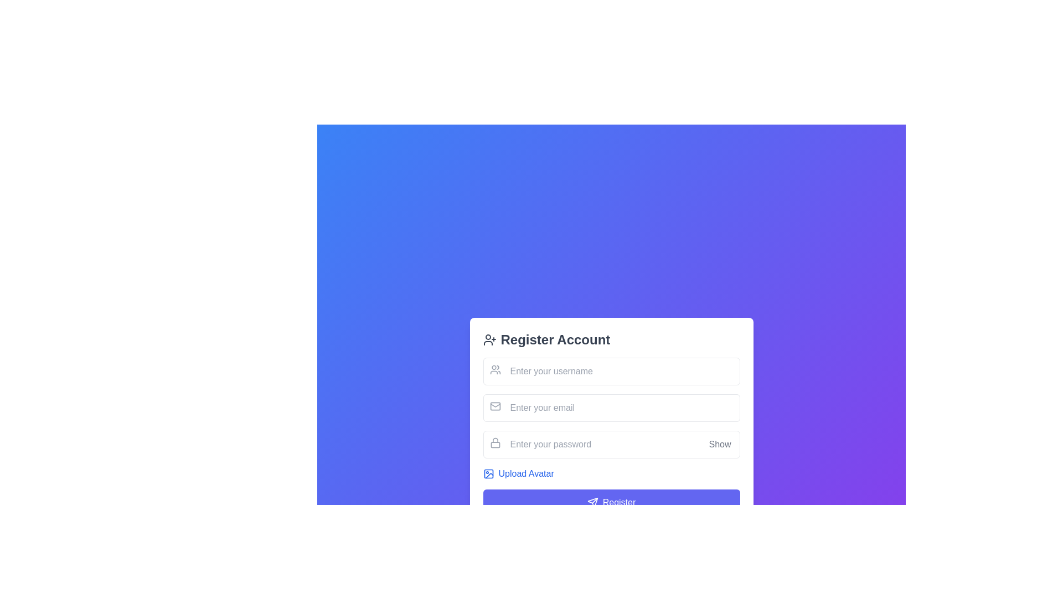  What do you see at coordinates (611, 408) in the screenshot?
I see `the email input field by tabbing through the registration form elements, which is positioned below the username input field and above the password input field` at bounding box center [611, 408].